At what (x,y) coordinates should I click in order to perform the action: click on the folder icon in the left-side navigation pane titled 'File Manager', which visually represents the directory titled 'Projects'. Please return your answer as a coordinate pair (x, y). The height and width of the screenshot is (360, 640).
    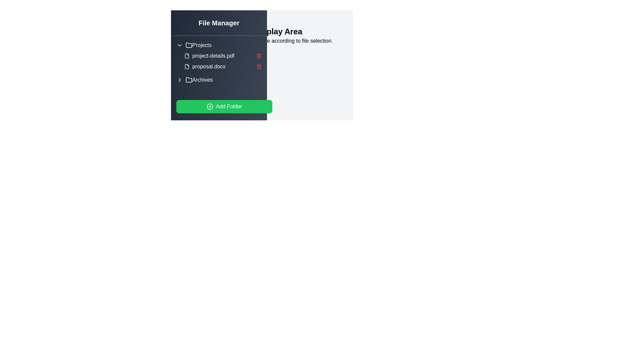
    Looking at the image, I should click on (188, 45).